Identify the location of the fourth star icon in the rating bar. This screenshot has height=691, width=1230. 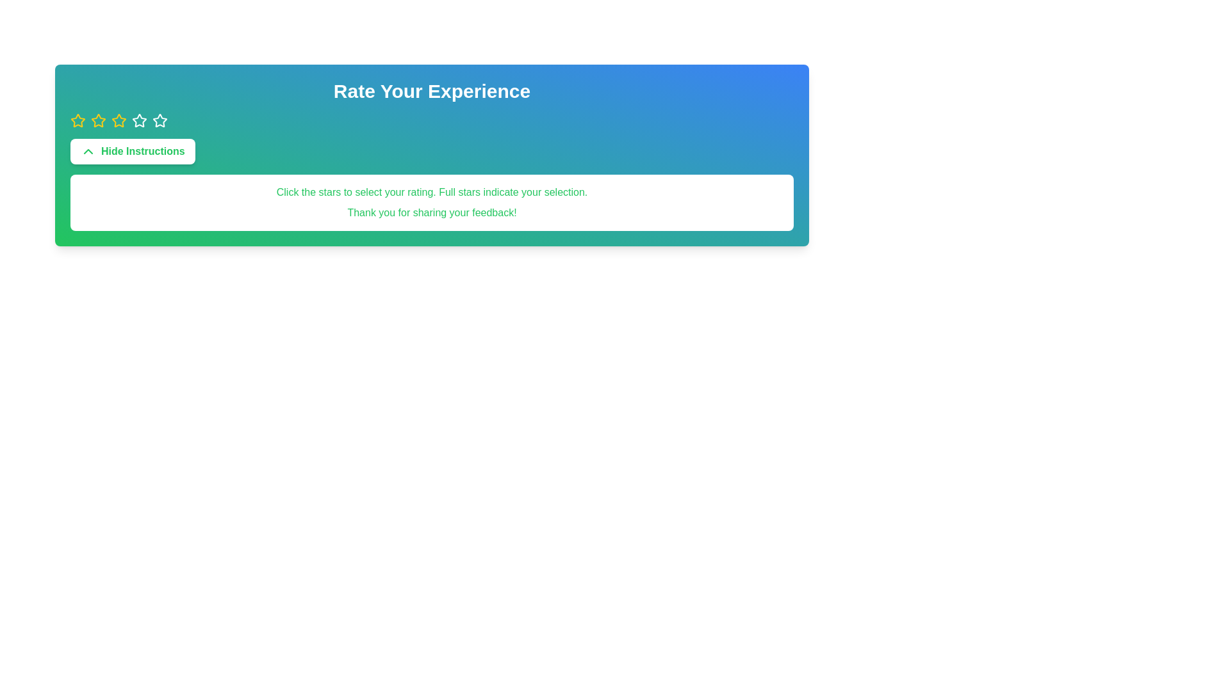
(159, 120).